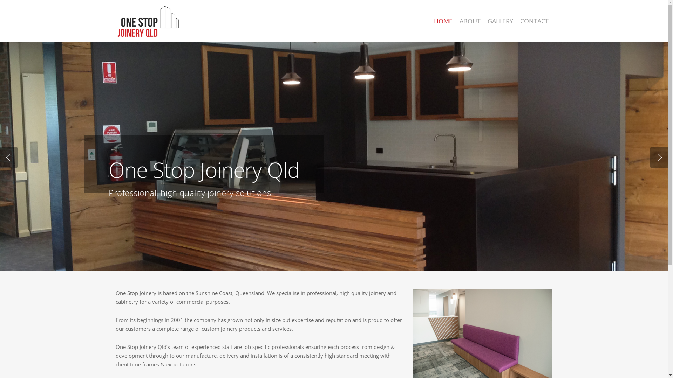  Describe the element at coordinates (500, 21) in the screenshot. I see `'GALLERY'` at that location.